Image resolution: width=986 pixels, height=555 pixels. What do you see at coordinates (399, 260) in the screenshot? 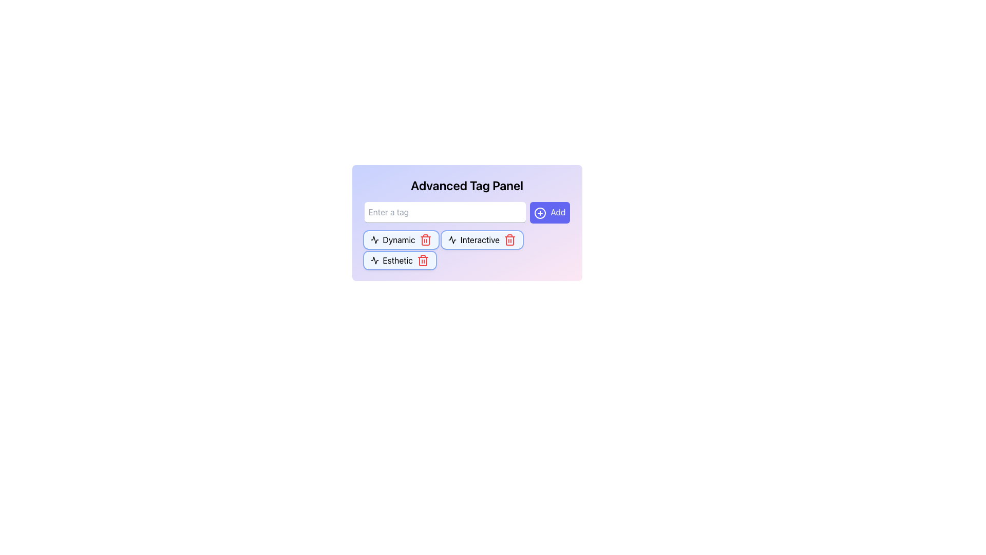
I see `to select or activate the 'Esthetic' interactive tag, which is the third chip-style tag located in the 'Advanced Tag Panel' interface` at bounding box center [399, 260].